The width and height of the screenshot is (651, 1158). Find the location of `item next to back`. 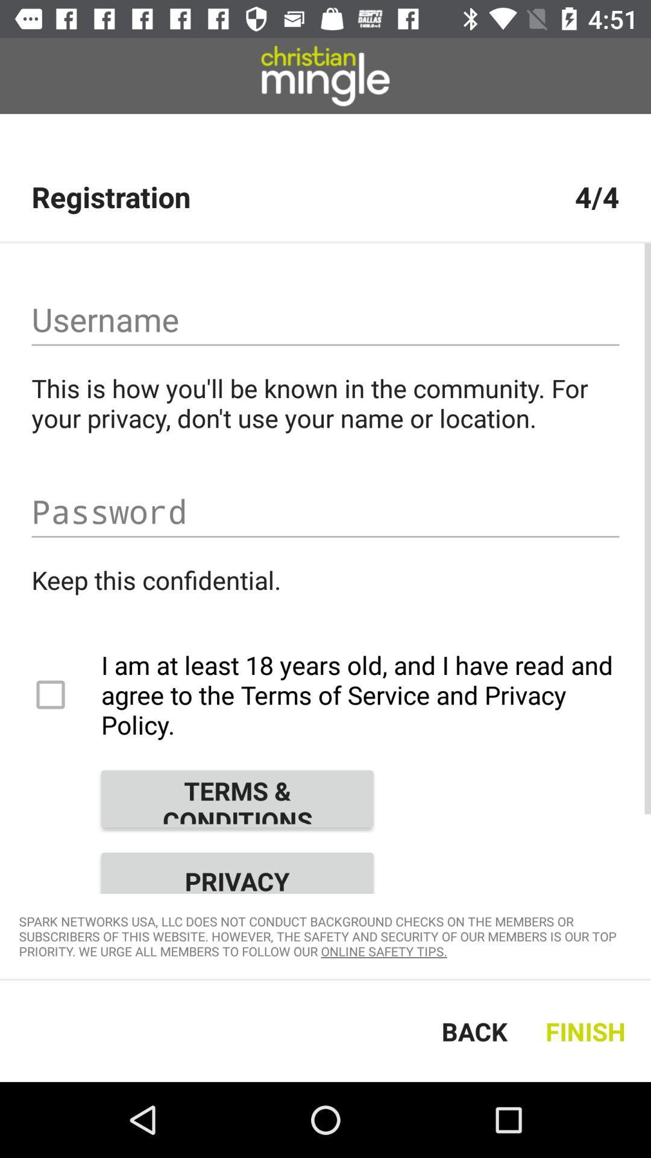

item next to back is located at coordinates (588, 1030).